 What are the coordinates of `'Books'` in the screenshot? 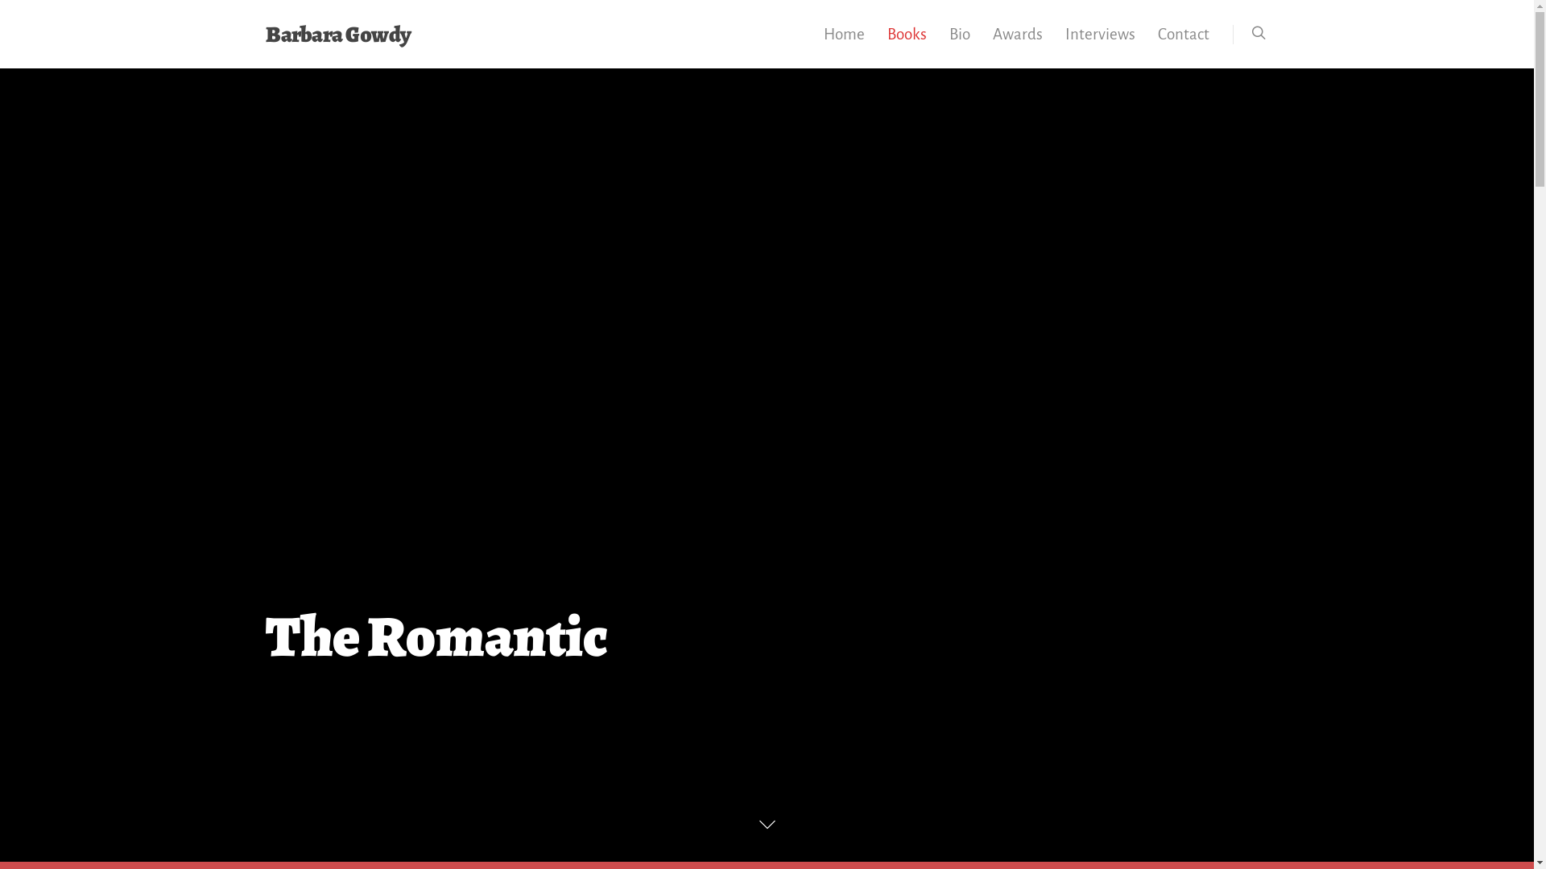 It's located at (907, 44).